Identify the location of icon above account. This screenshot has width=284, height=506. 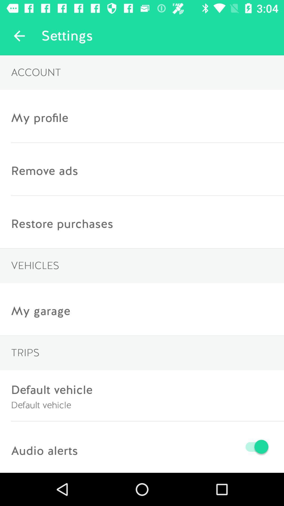
(19, 36).